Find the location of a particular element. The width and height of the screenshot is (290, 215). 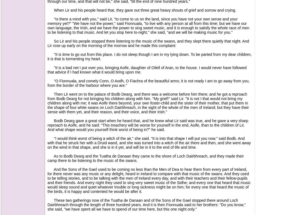

'These two gatherings now of the Tuatha de Danaan and of the Sons of the Gael stopped there around Loch Dairbhreach through the length of three hundred years. And it is then Fionnuala said to her brothers: "Do you know," she said, "we have spent all we have to spend of our time here, but this one night only."' is located at coordinates (146, 204).